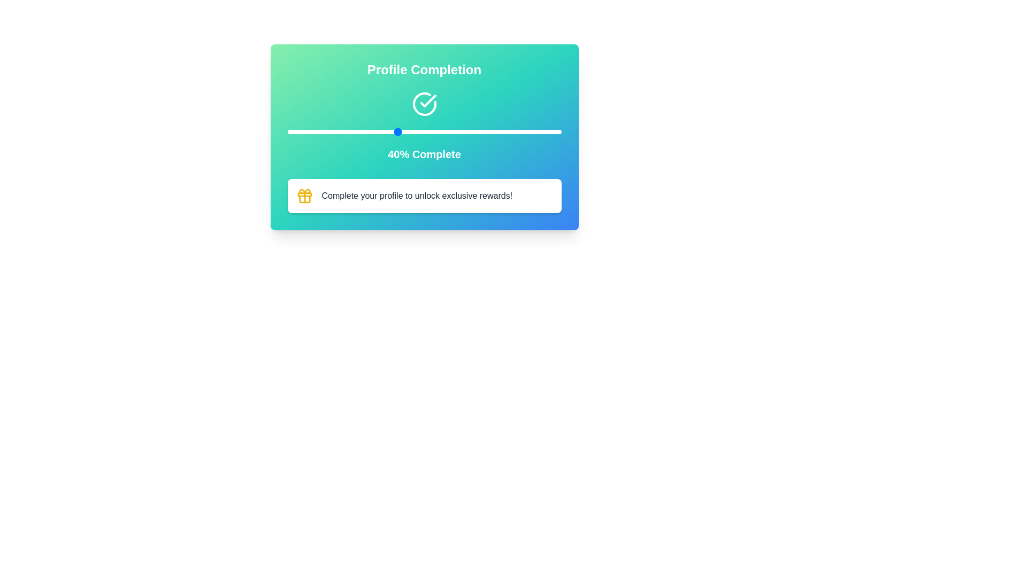 This screenshot has width=1027, height=577. I want to click on the slider to set the completion percentage to 25, so click(356, 131).